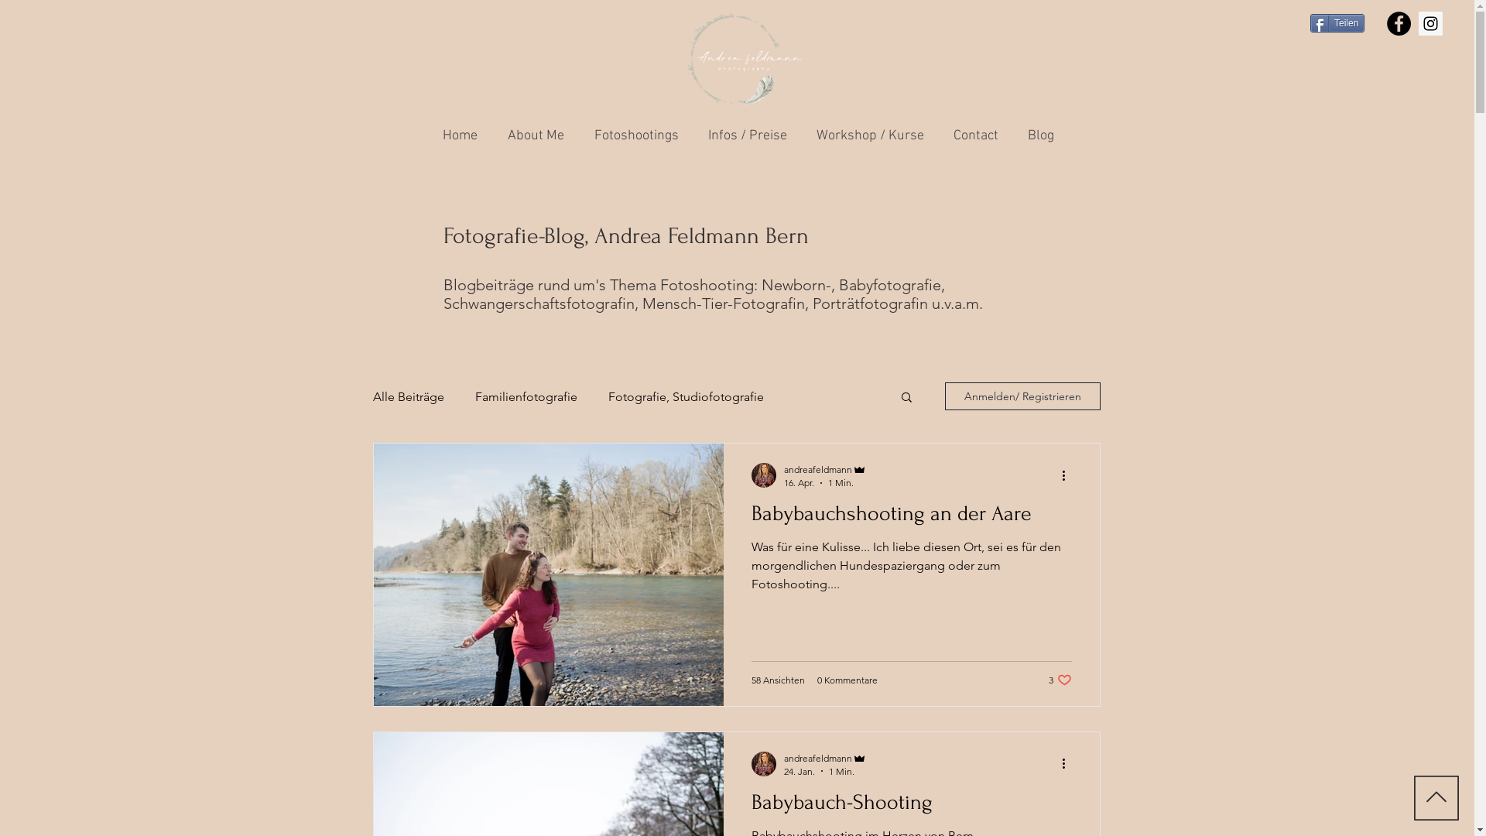 The height and width of the screenshot is (836, 1486). I want to click on 'Babybauchshooting an der Aare', so click(910, 517).